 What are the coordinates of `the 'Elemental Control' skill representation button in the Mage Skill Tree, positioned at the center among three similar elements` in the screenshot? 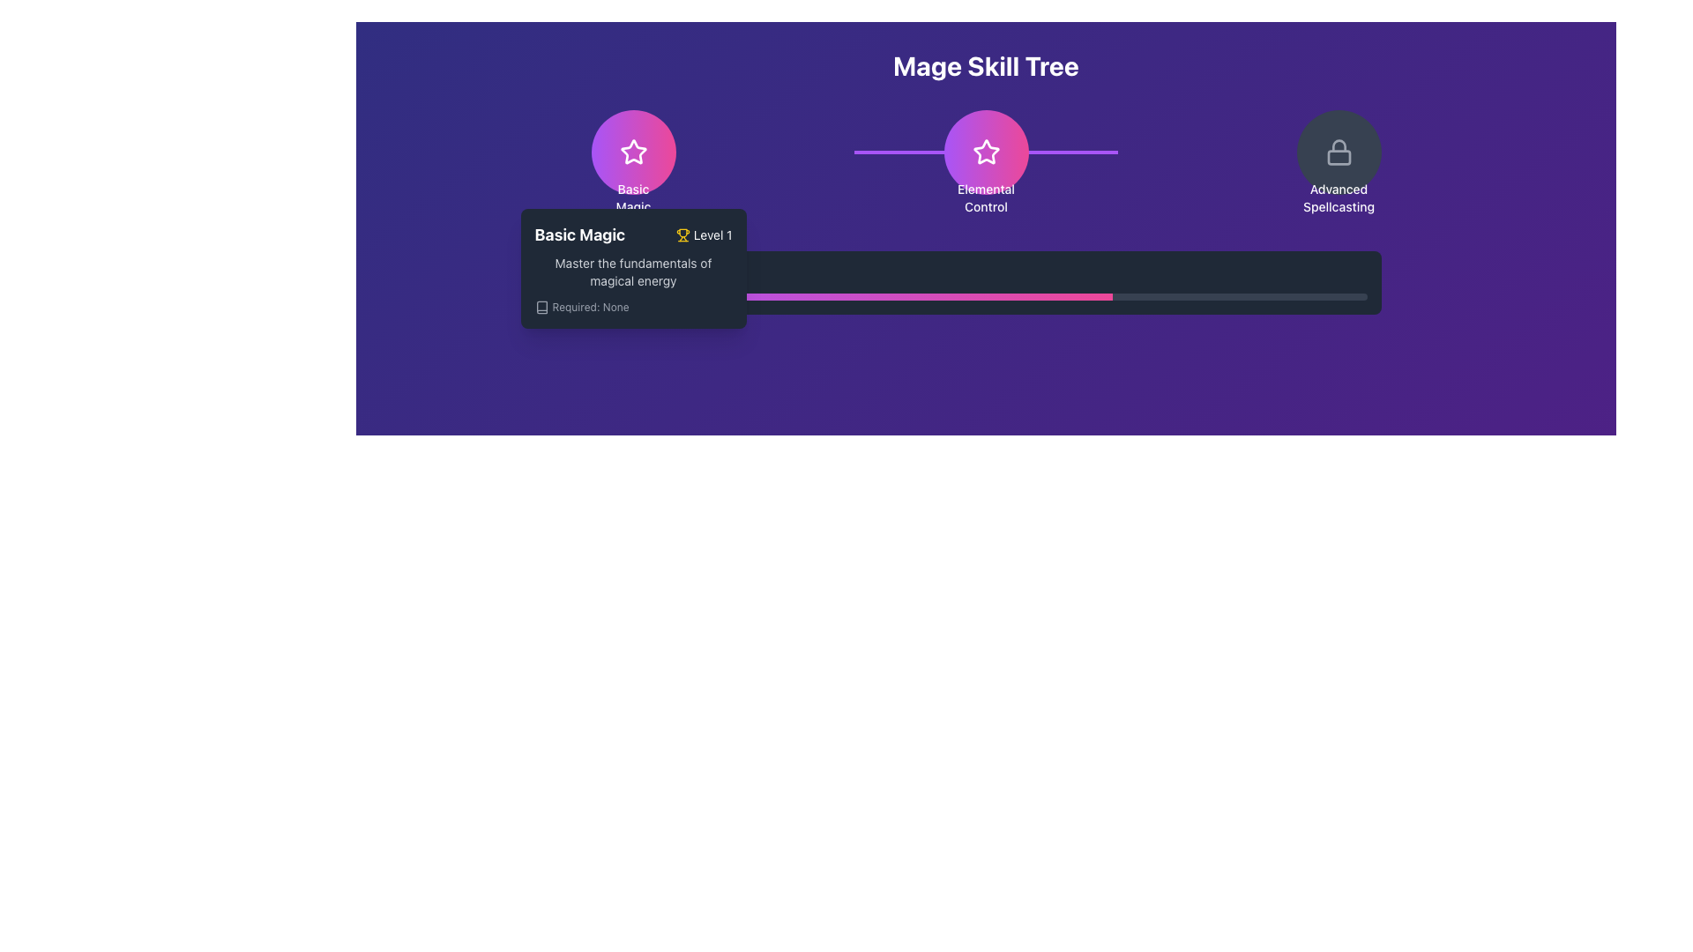 It's located at (985, 182).